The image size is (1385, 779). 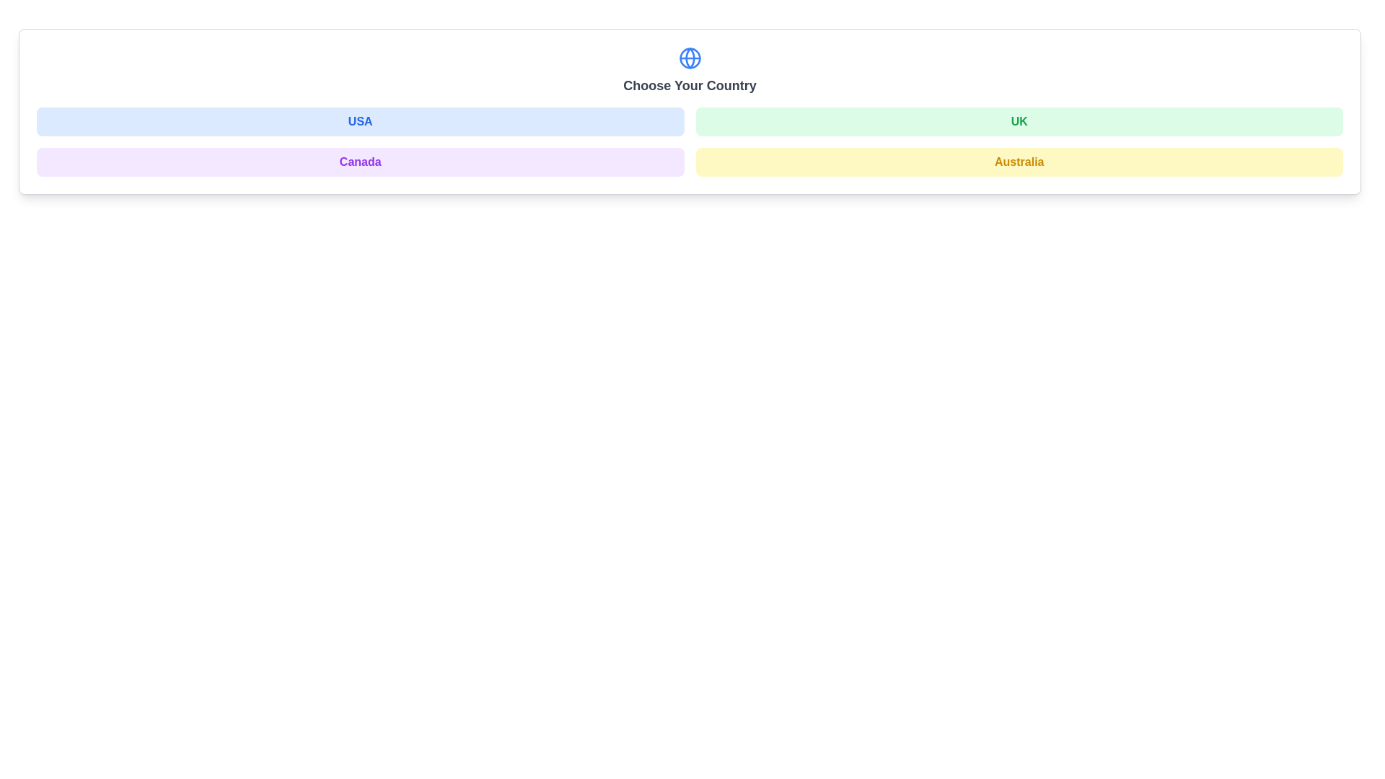 I want to click on the 'Canada' button, so click(x=360, y=162).